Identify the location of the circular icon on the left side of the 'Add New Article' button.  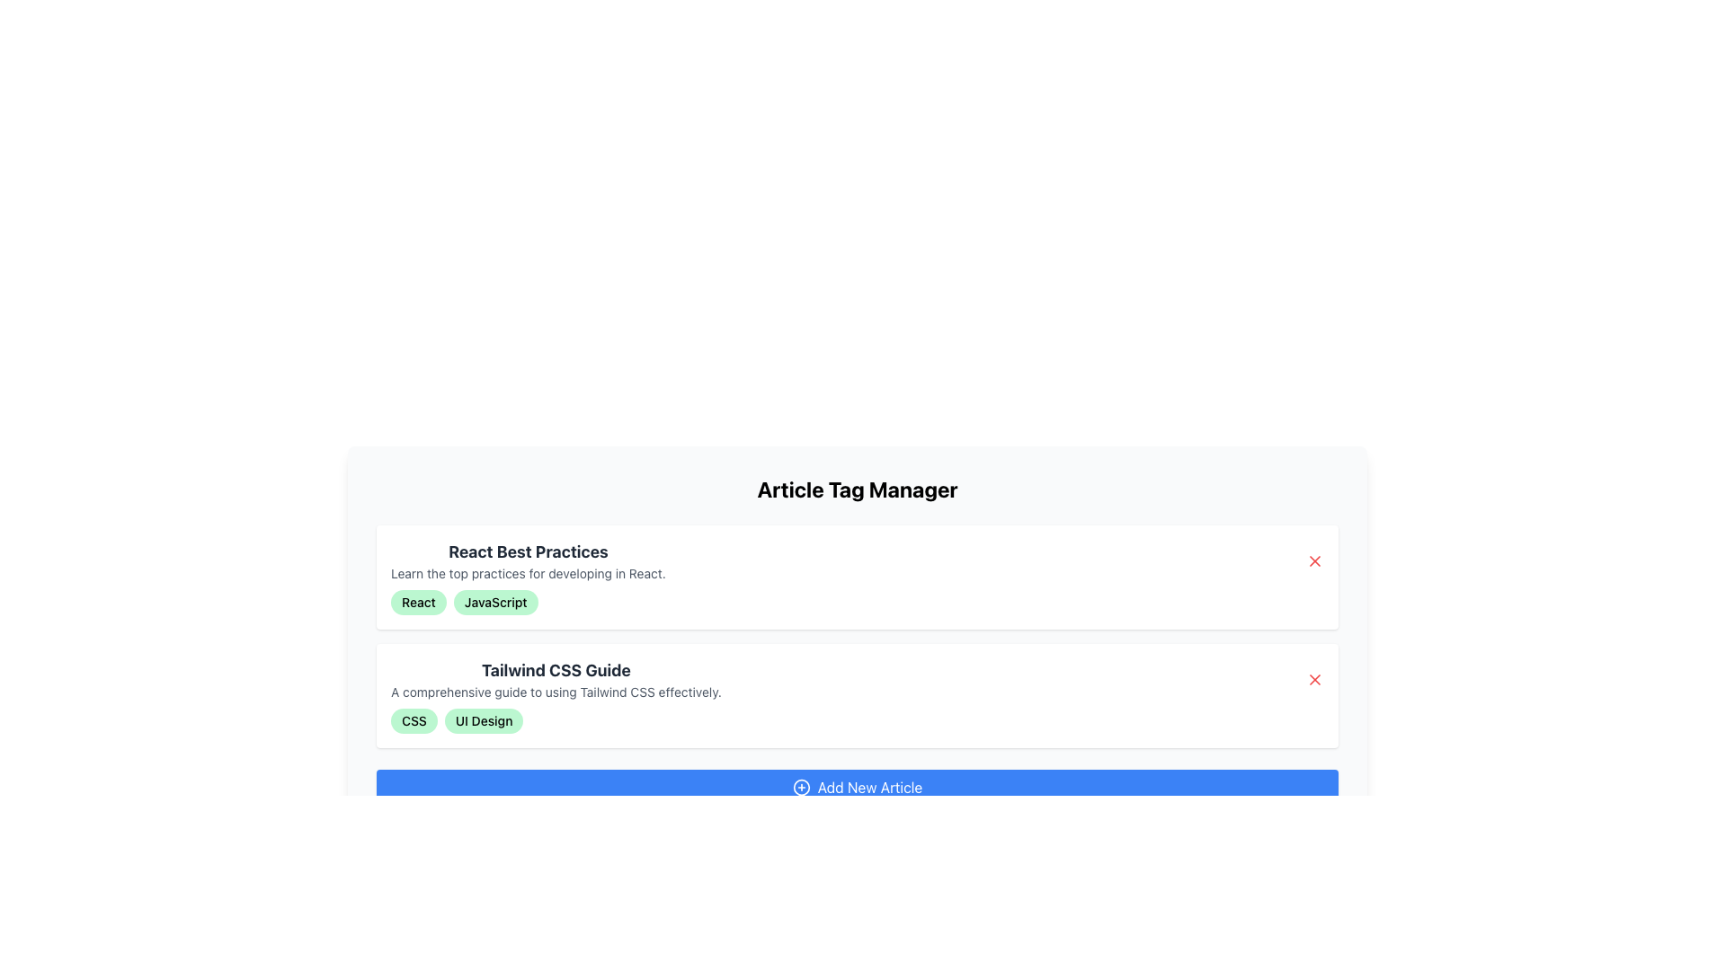
(800, 786).